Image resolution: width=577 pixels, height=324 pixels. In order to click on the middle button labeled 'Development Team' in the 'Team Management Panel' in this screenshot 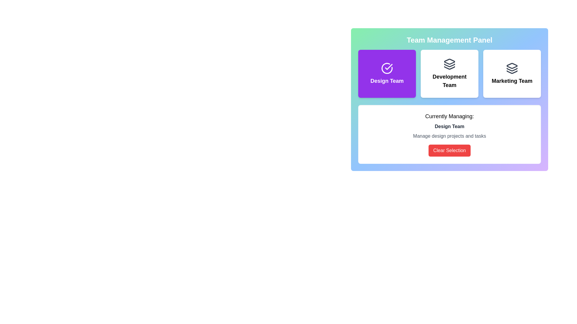, I will do `click(450, 73)`.